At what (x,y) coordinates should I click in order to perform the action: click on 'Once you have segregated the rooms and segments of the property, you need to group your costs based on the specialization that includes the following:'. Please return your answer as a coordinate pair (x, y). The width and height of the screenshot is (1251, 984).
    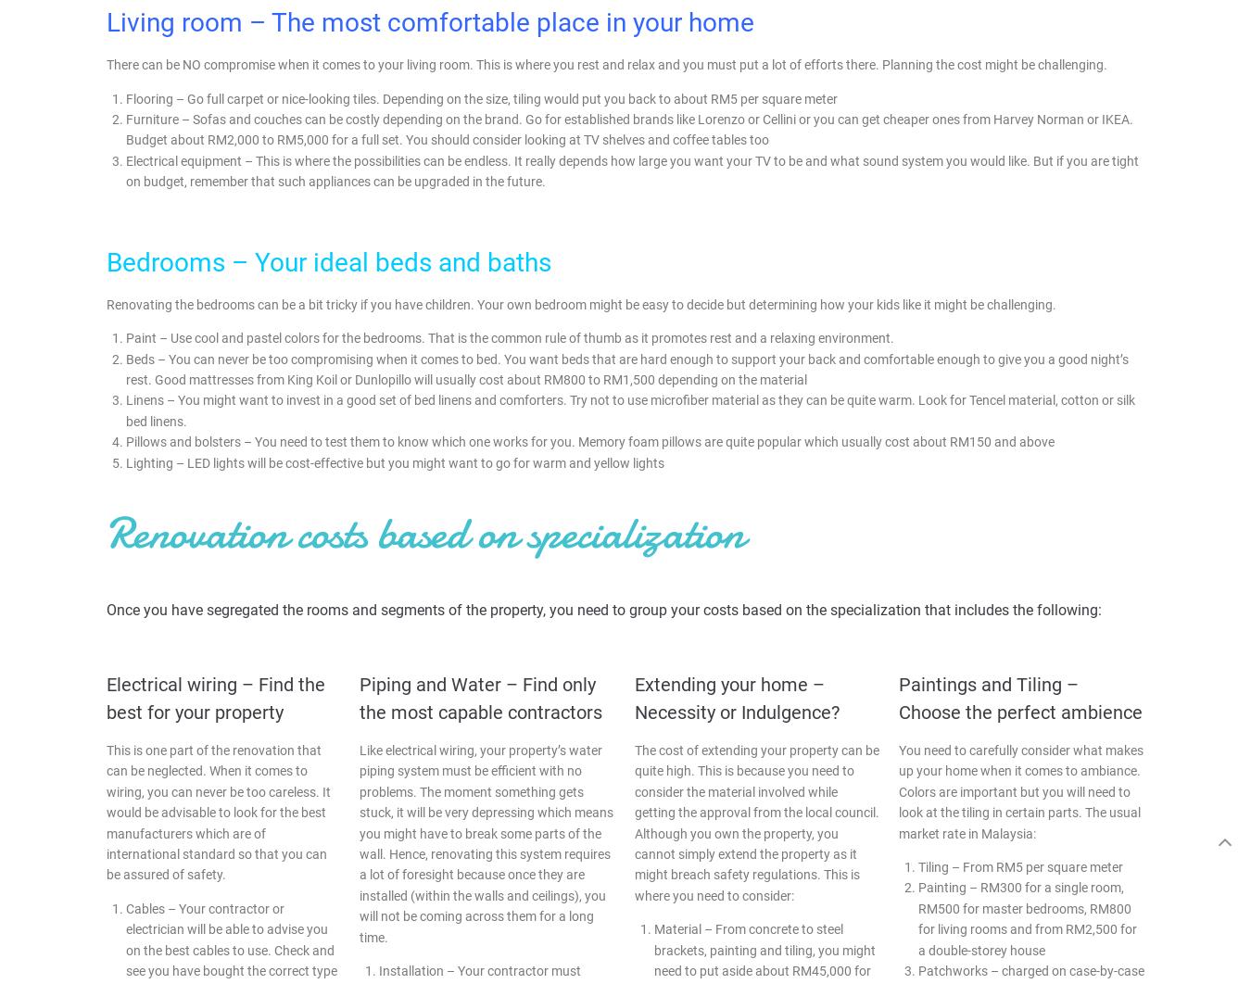
    Looking at the image, I should click on (604, 609).